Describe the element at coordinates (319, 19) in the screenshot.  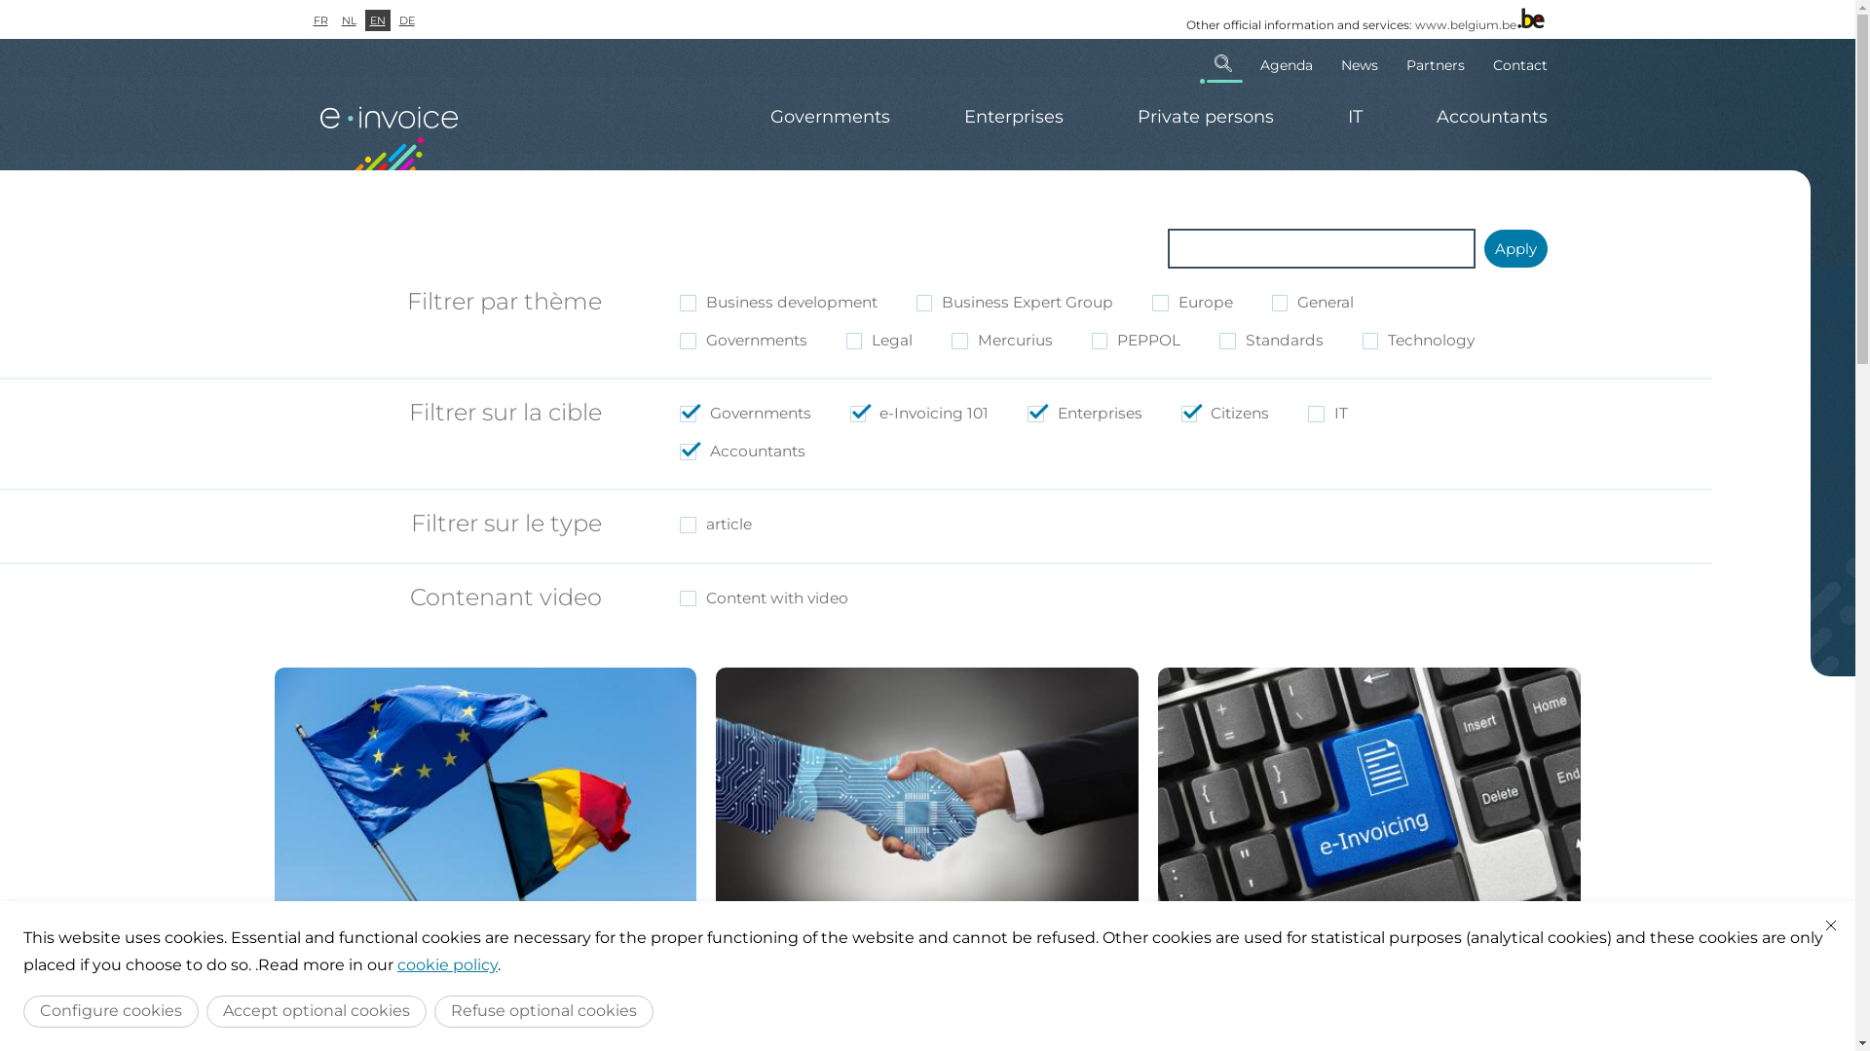
I see `'FR'` at that location.